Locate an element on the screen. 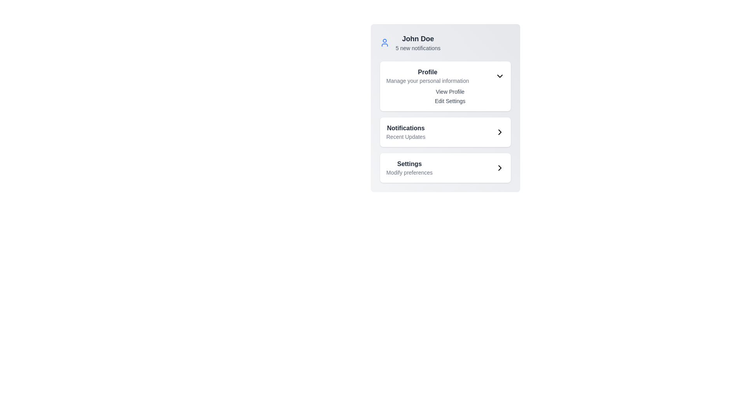  the dropdown indicator icon located on the right side of the 'Profile' text is located at coordinates (500, 76).